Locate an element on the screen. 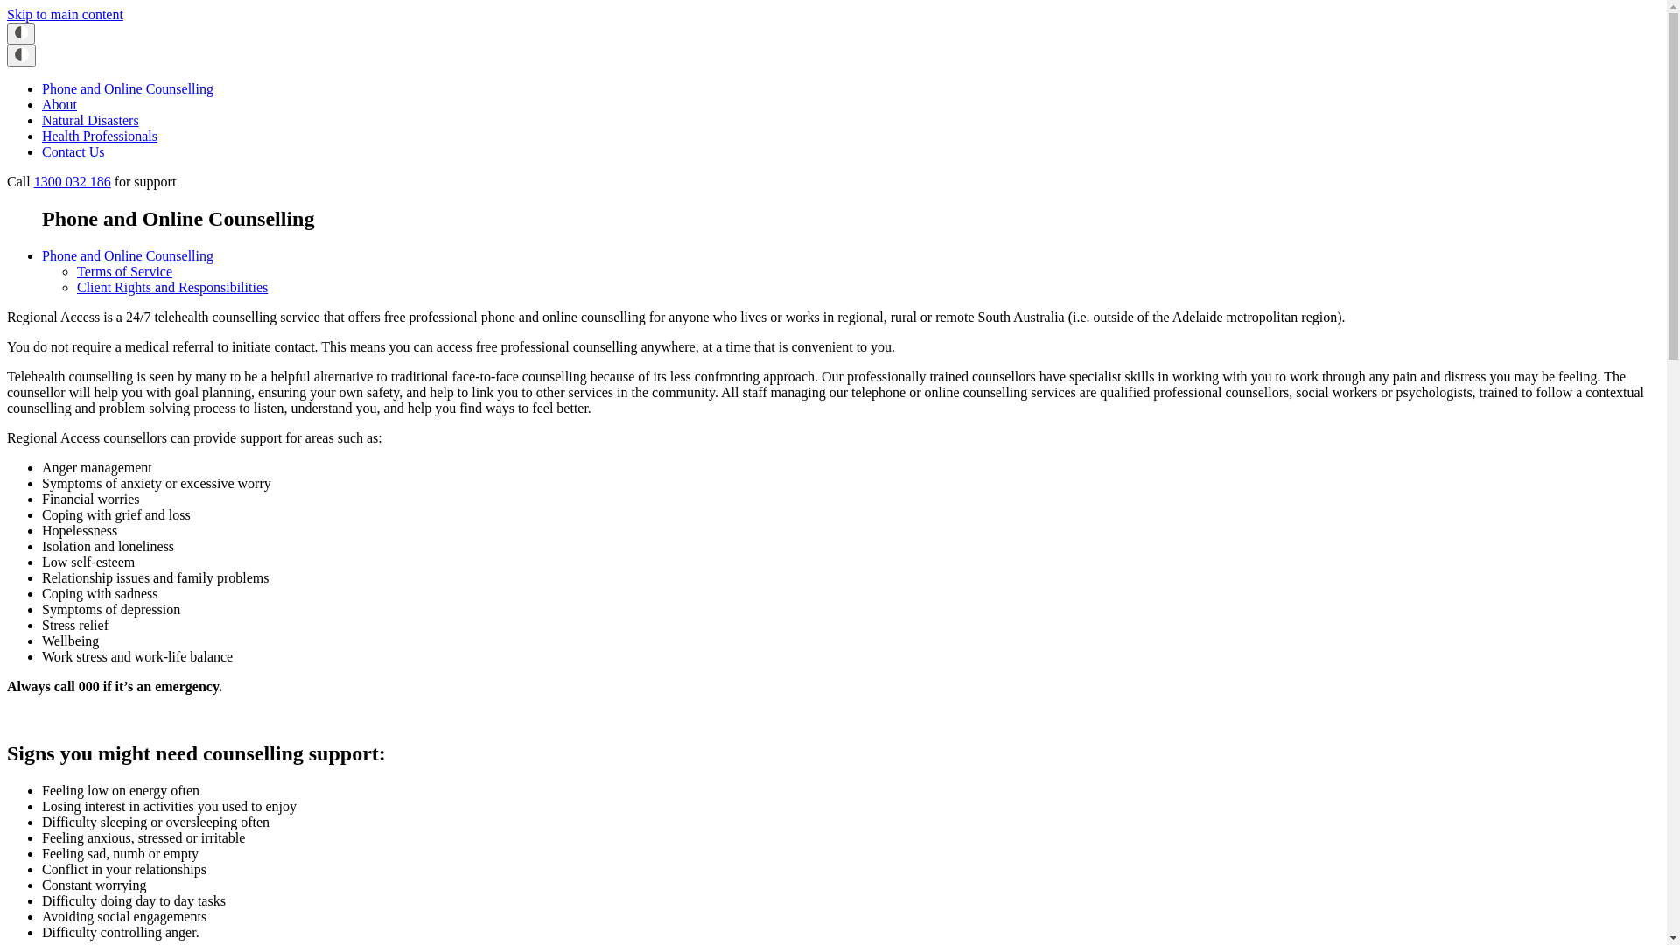 This screenshot has height=945, width=1680. 'Health Professionals' is located at coordinates (99, 135).